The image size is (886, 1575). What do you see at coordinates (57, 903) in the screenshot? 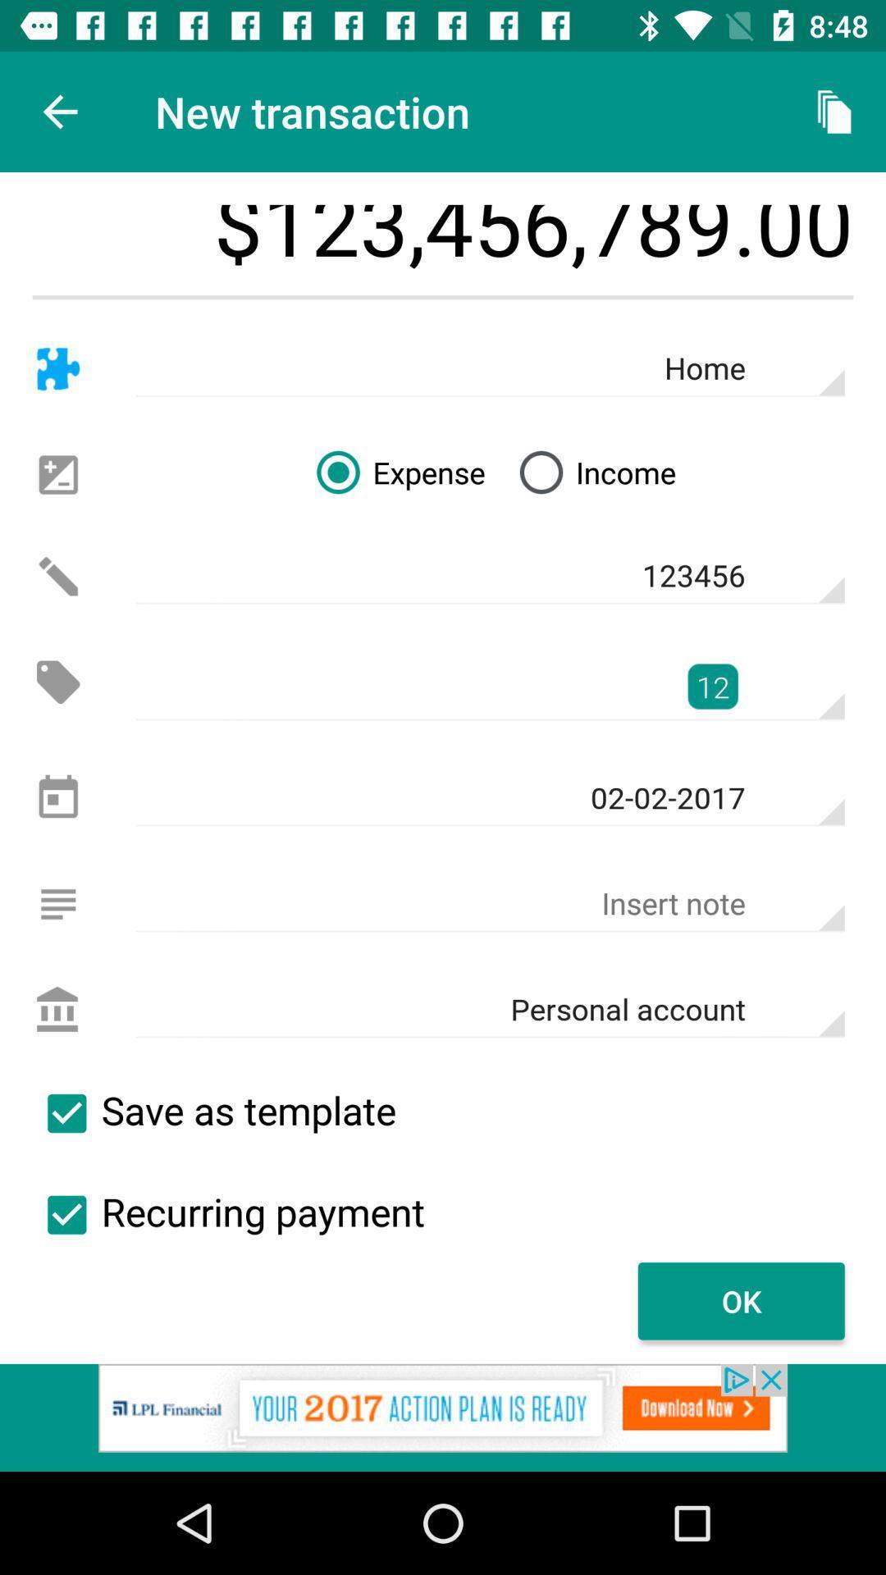
I see `open list category` at bounding box center [57, 903].